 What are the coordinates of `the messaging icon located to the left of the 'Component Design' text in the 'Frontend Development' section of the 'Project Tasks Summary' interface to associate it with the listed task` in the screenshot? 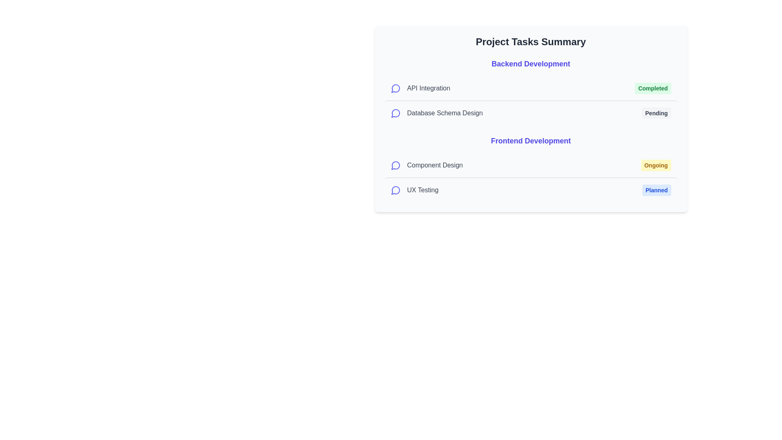 It's located at (395, 165).